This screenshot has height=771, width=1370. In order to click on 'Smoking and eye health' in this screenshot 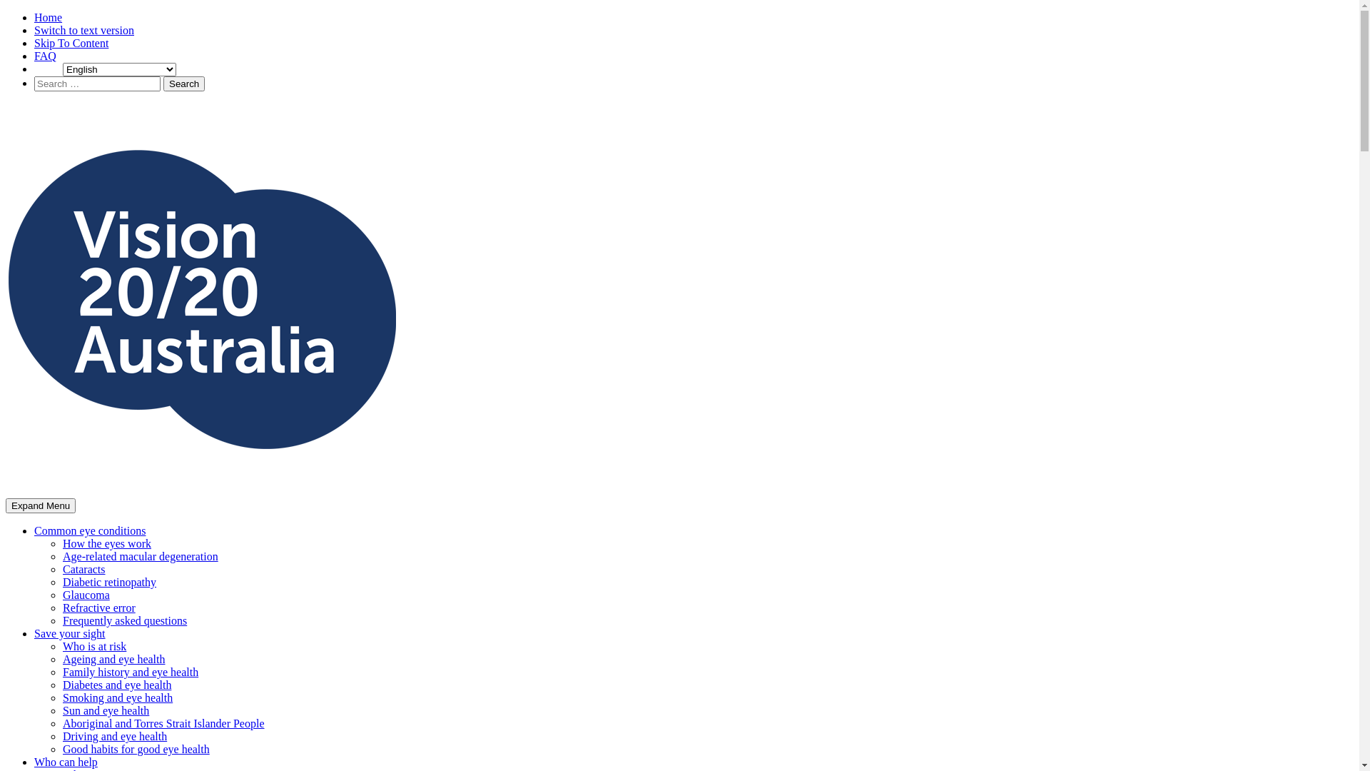, I will do `click(117, 697)`.